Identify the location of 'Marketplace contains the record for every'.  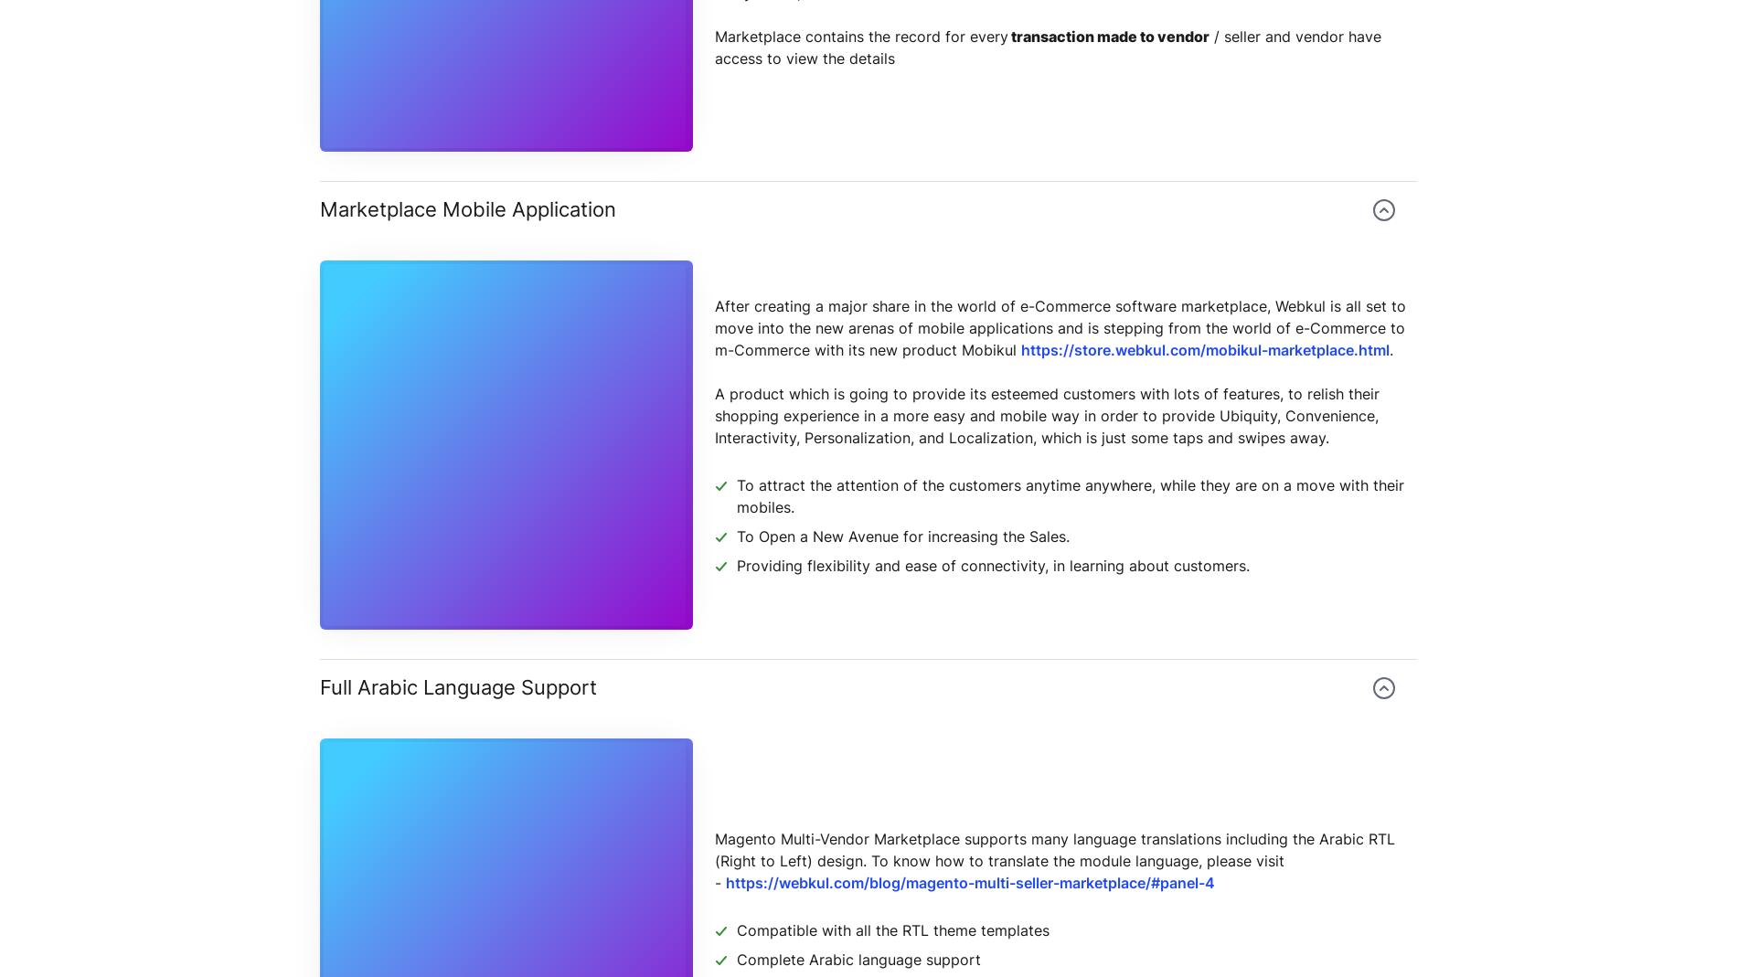
(860, 35).